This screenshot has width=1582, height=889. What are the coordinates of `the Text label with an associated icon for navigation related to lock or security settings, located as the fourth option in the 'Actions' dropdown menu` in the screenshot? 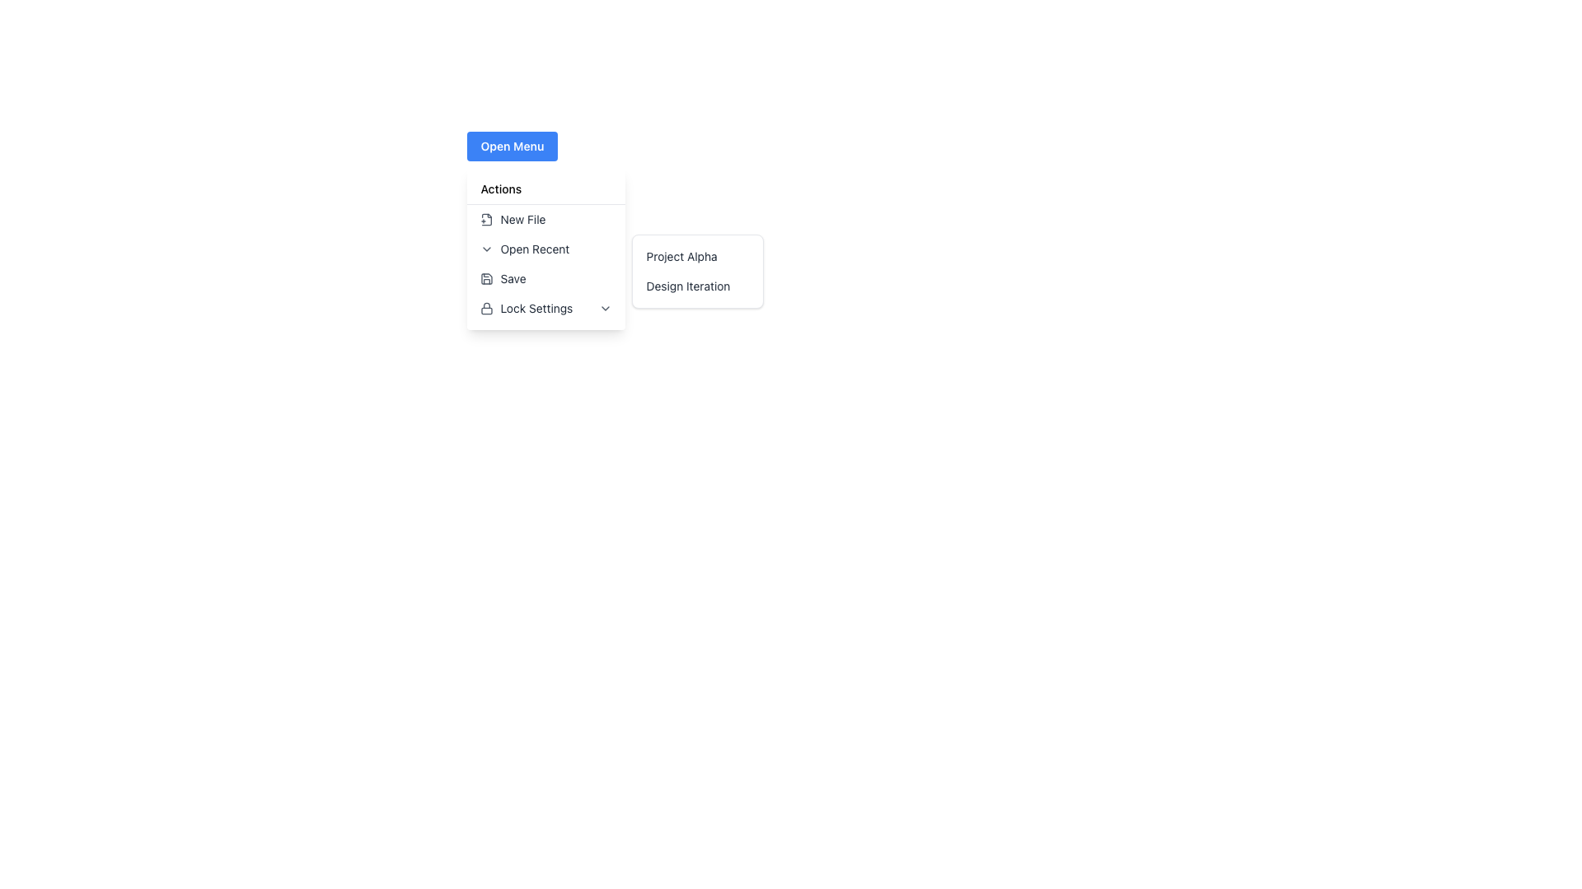 It's located at (526, 308).